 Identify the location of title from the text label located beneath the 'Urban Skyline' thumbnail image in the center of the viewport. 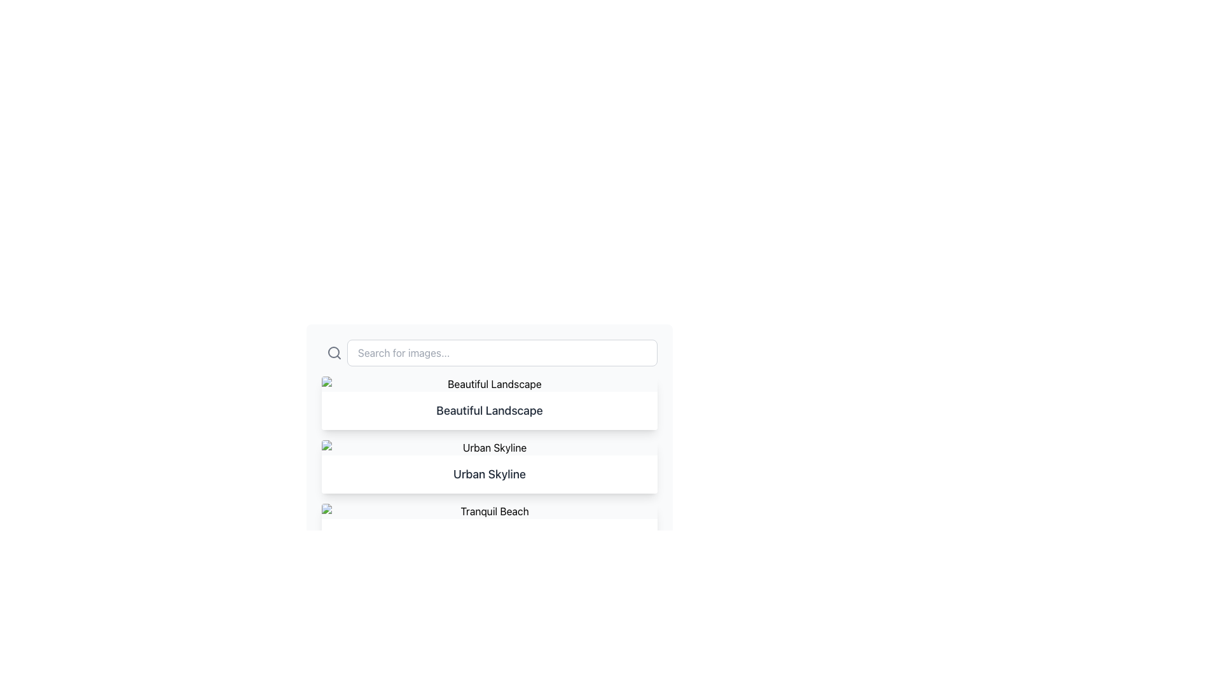
(488, 474).